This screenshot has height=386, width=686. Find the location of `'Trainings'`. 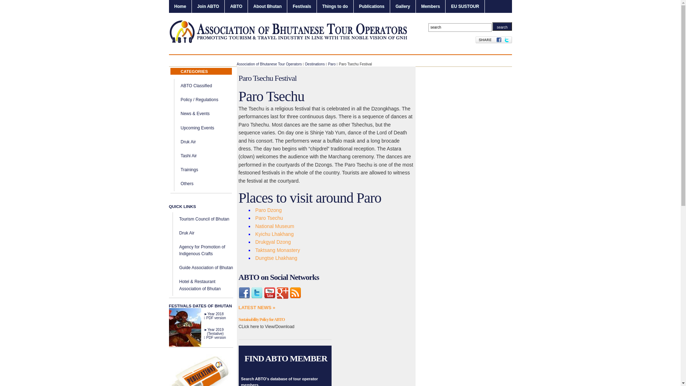

'Trainings' is located at coordinates (189, 169).